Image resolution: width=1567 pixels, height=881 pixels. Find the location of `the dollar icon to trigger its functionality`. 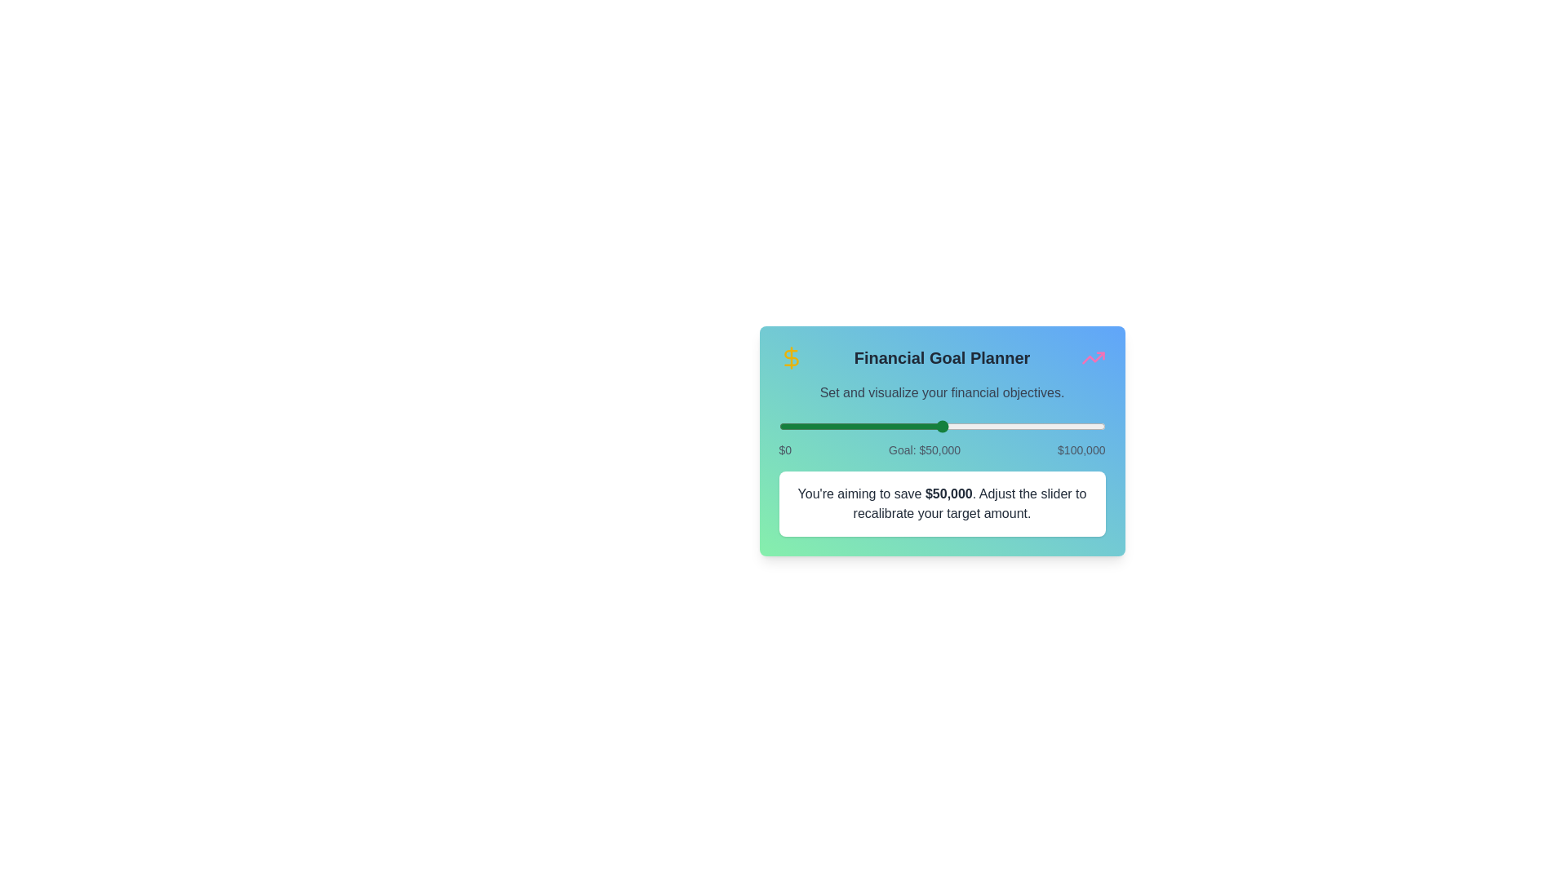

the dollar icon to trigger its functionality is located at coordinates (791, 357).